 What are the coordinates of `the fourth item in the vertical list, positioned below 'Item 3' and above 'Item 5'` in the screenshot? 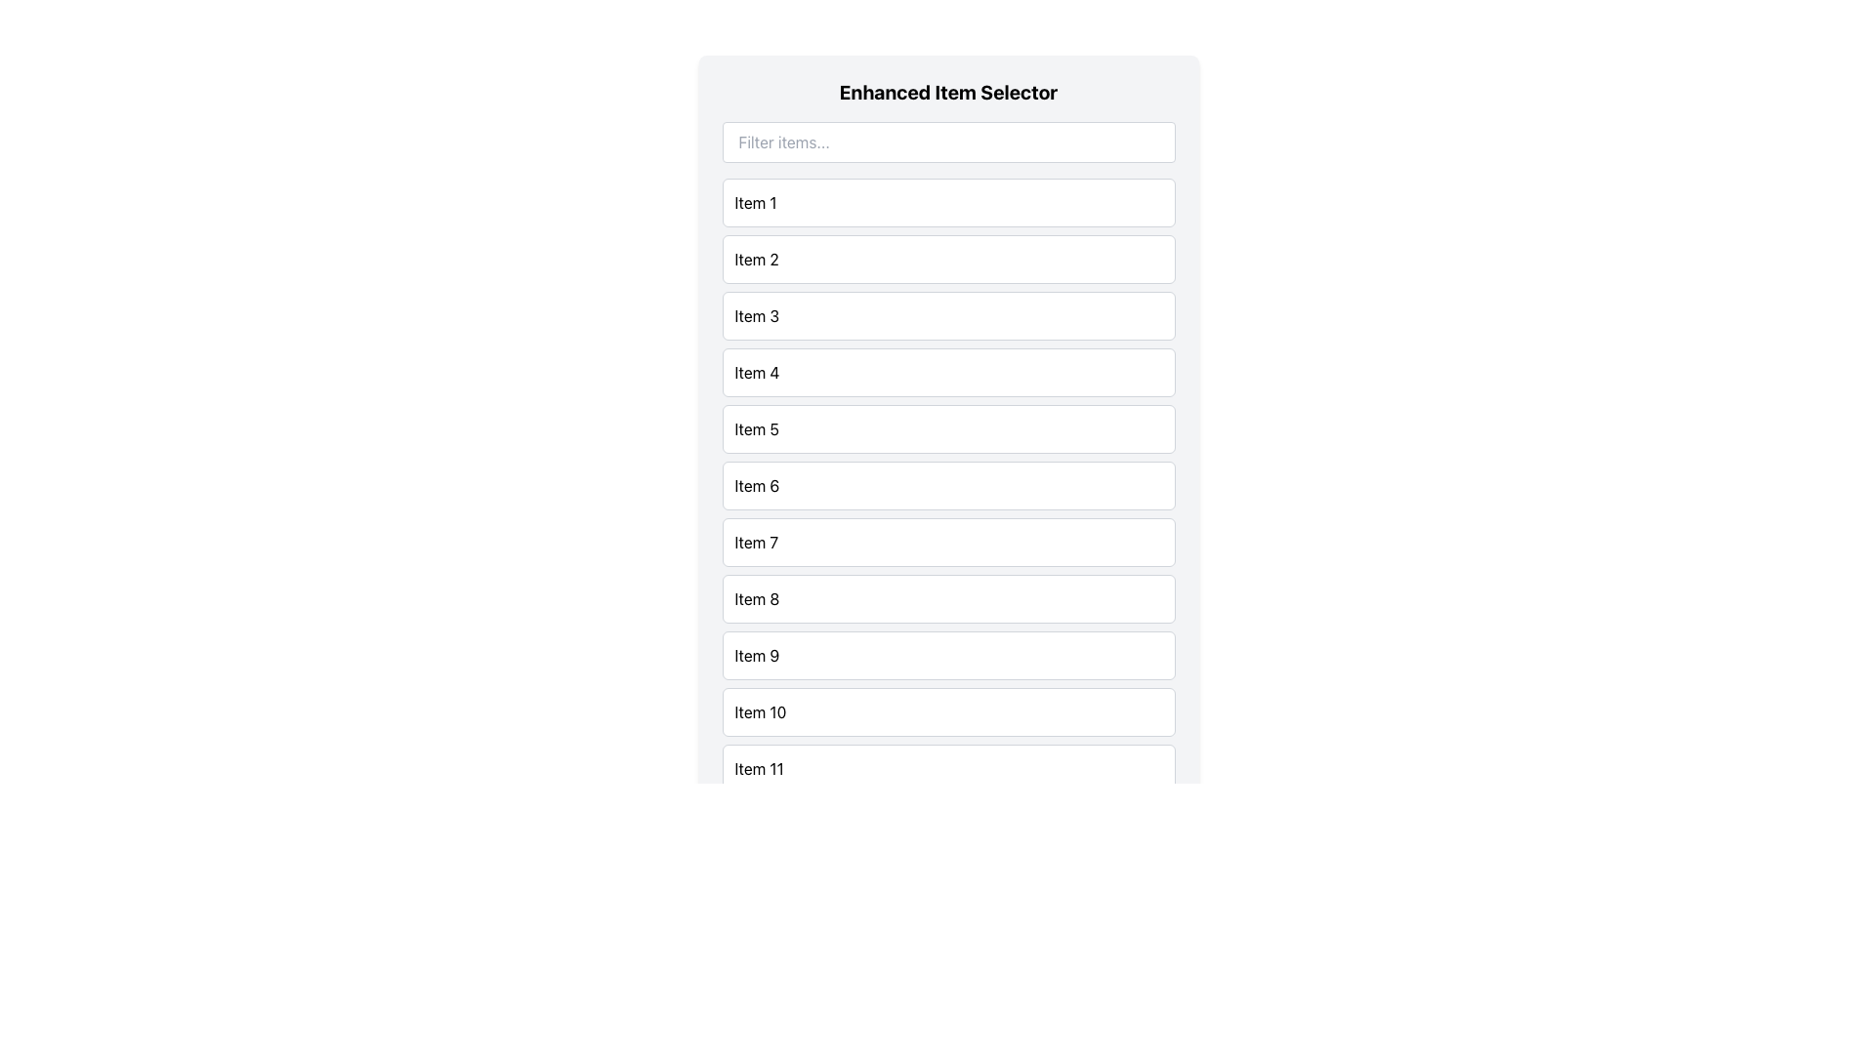 It's located at (948, 372).